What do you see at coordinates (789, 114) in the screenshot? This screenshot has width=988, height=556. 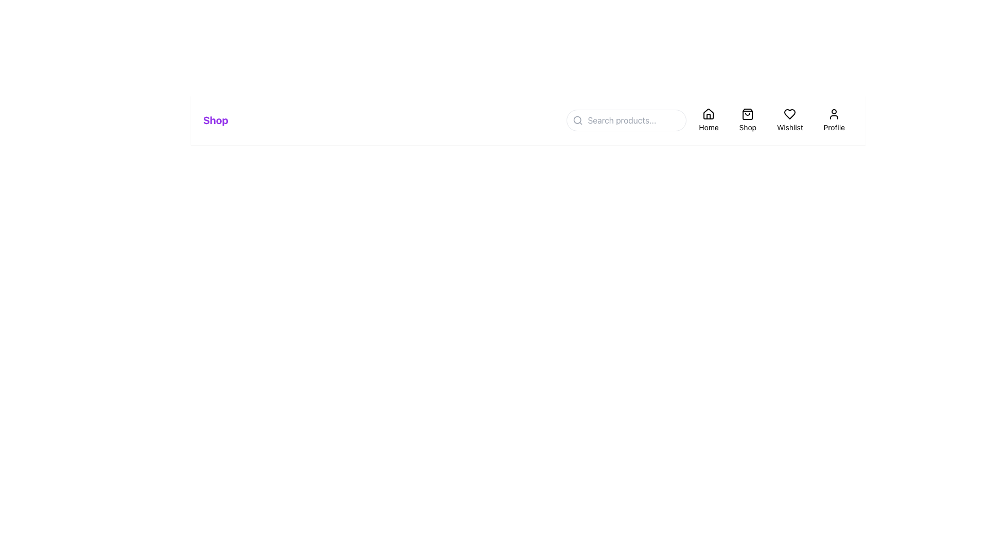 I see `the heart icon in the 'Wishlist' section of the navigation bar, located between 'Shop' and 'Profile'` at bounding box center [789, 114].